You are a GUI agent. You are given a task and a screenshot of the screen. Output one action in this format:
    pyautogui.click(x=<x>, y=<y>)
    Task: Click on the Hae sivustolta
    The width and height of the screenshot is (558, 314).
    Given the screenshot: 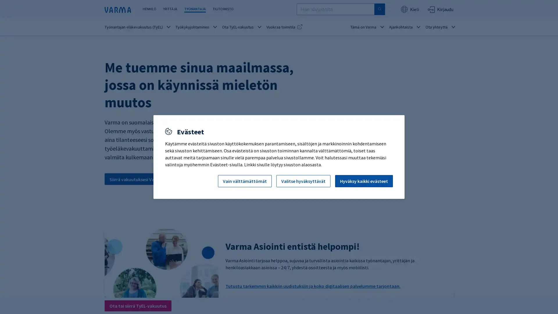 What is the action you would take?
    pyautogui.click(x=380, y=9)
    